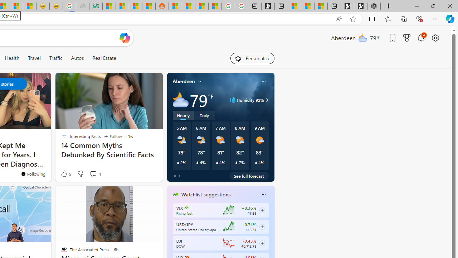  What do you see at coordinates (249, 176) in the screenshot?
I see `'See full forecast'` at bounding box center [249, 176].